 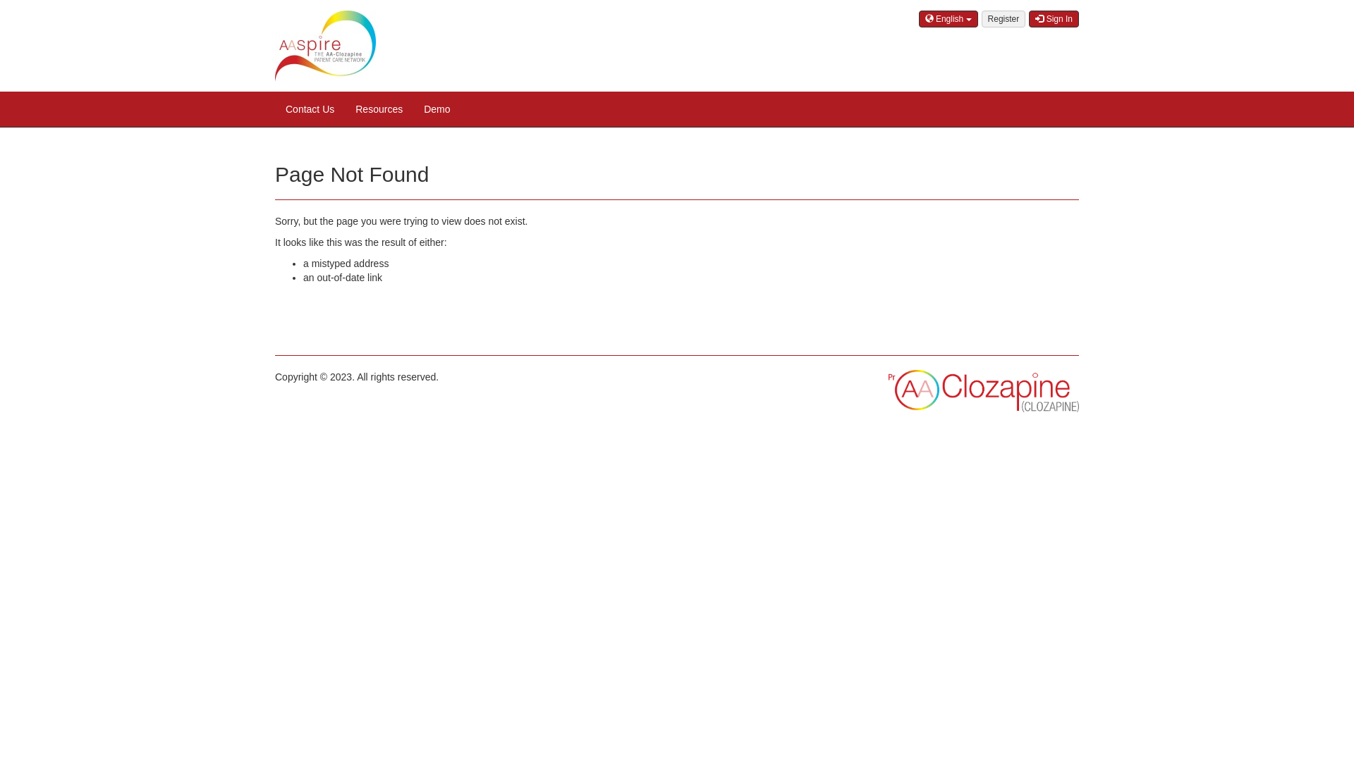 I want to click on 'Demo', so click(x=436, y=108).